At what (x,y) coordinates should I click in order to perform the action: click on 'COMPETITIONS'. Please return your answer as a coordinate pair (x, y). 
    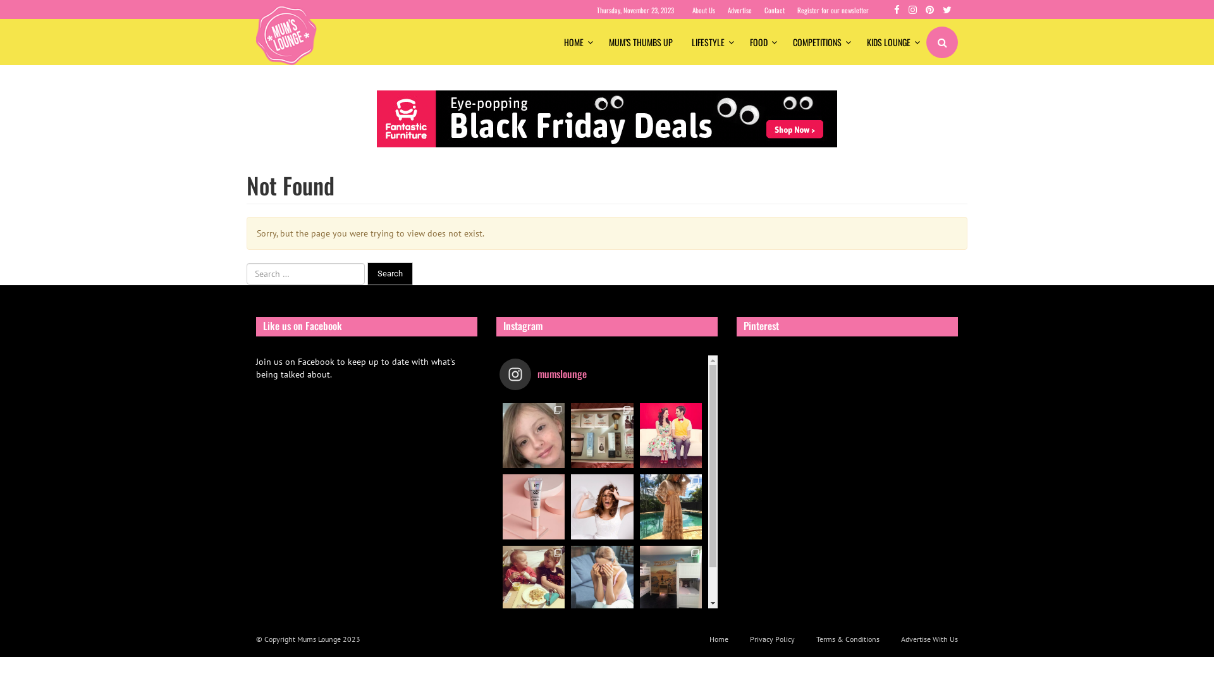
    Looking at the image, I should click on (820, 41).